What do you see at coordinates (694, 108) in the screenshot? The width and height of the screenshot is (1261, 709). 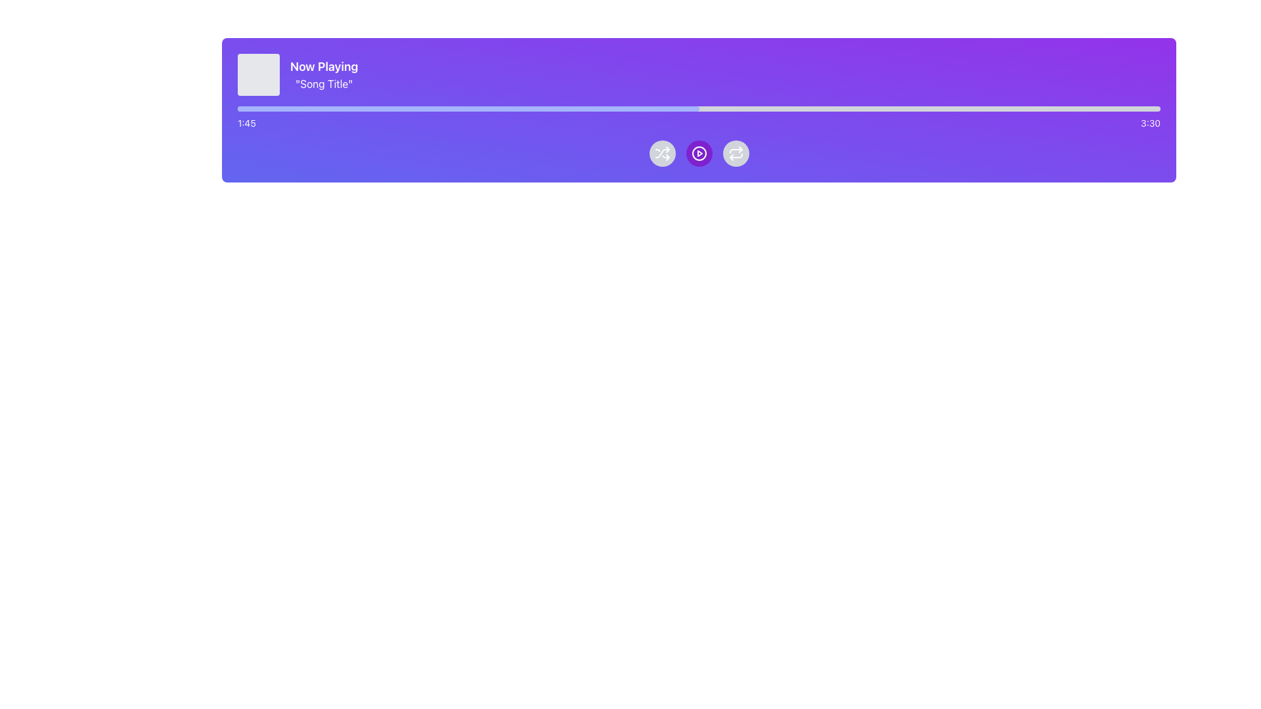 I see `the slider` at bounding box center [694, 108].